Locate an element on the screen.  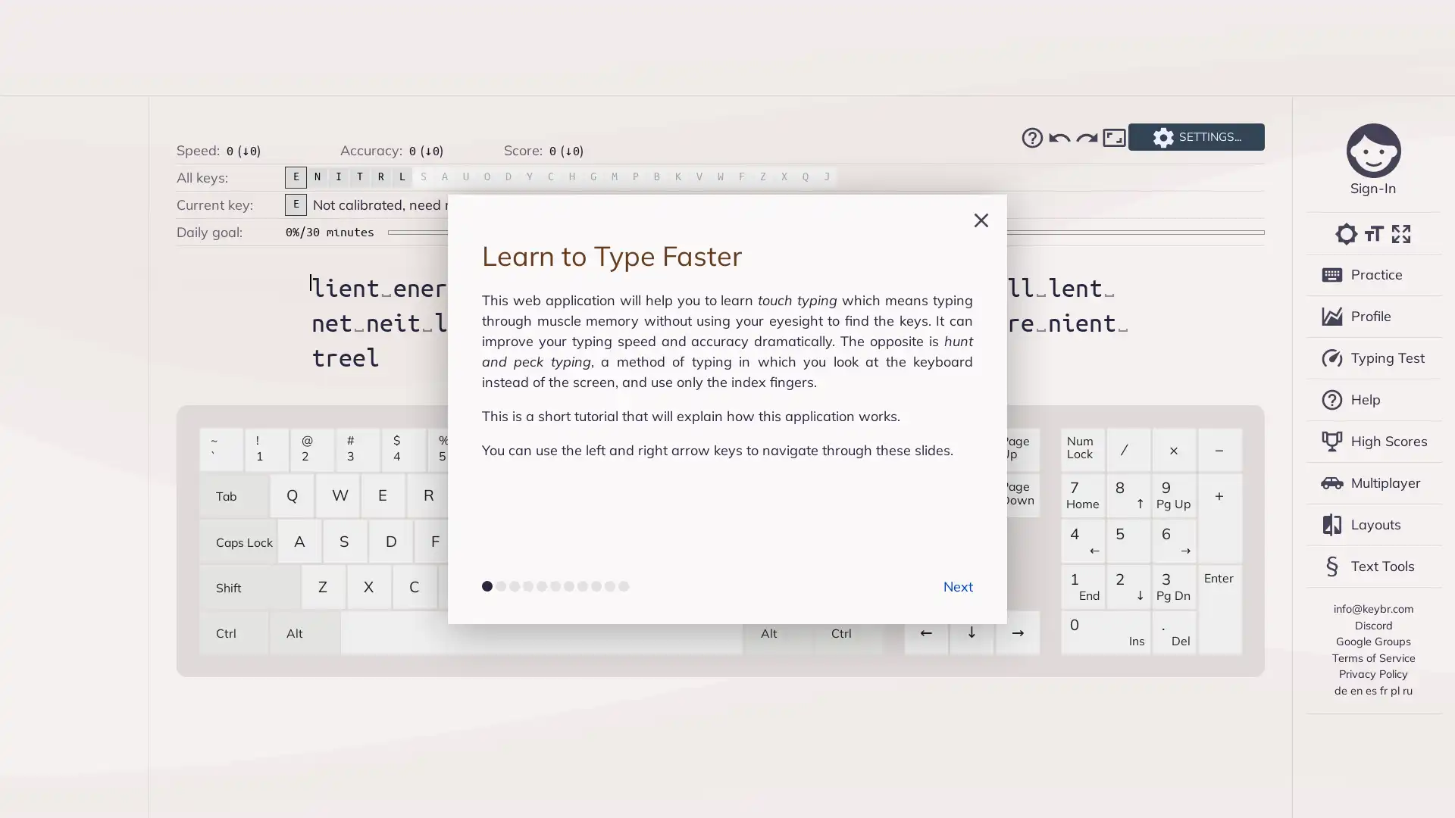
Skip the current lesson (Ctrl + Right Arrow). is located at coordinates (1086, 137).